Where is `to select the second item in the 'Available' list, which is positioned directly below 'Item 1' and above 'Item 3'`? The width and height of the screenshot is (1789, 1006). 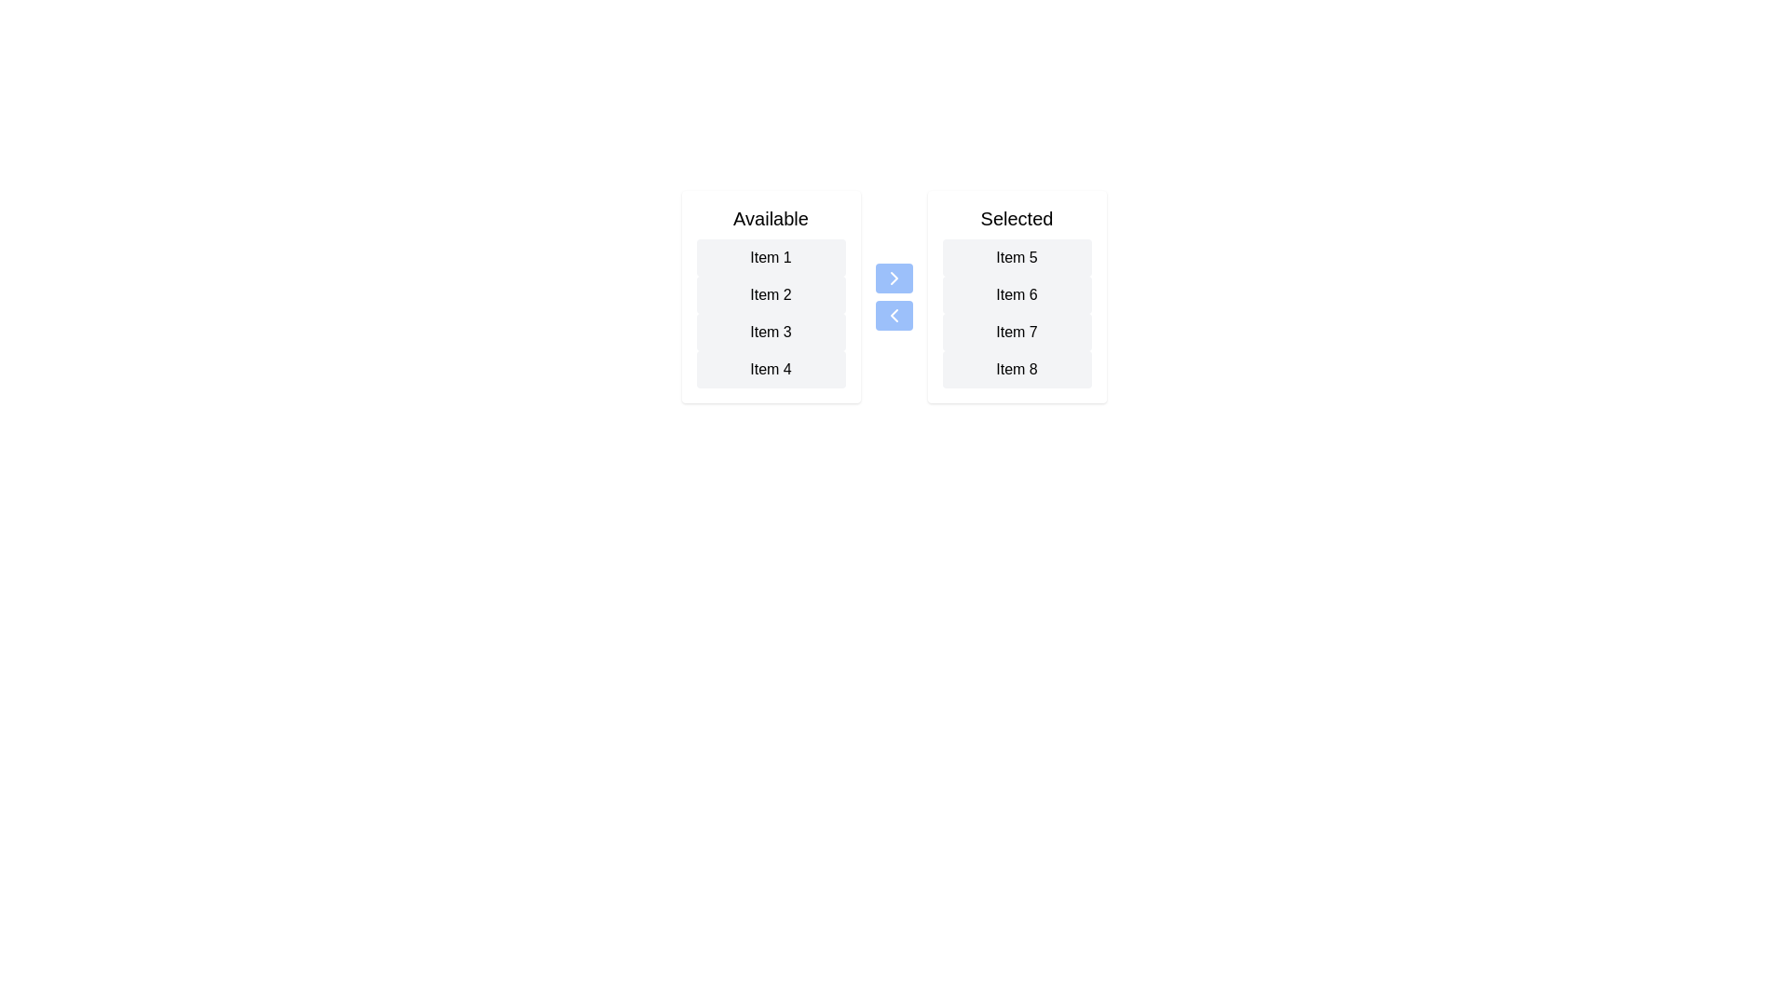
to select the second item in the 'Available' list, which is positioned directly below 'Item 1' and above 'Item 3' is located at coordinates (771, 293).